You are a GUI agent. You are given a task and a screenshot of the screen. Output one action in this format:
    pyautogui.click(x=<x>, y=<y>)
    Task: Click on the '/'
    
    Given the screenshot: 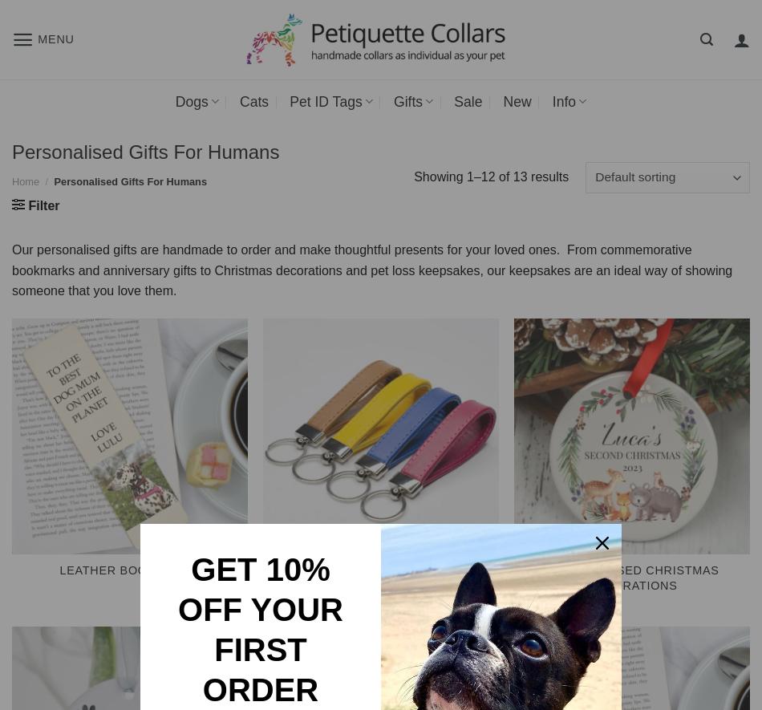 What is the action you would take?
    pyautogui.click(x=47, y=181)
    